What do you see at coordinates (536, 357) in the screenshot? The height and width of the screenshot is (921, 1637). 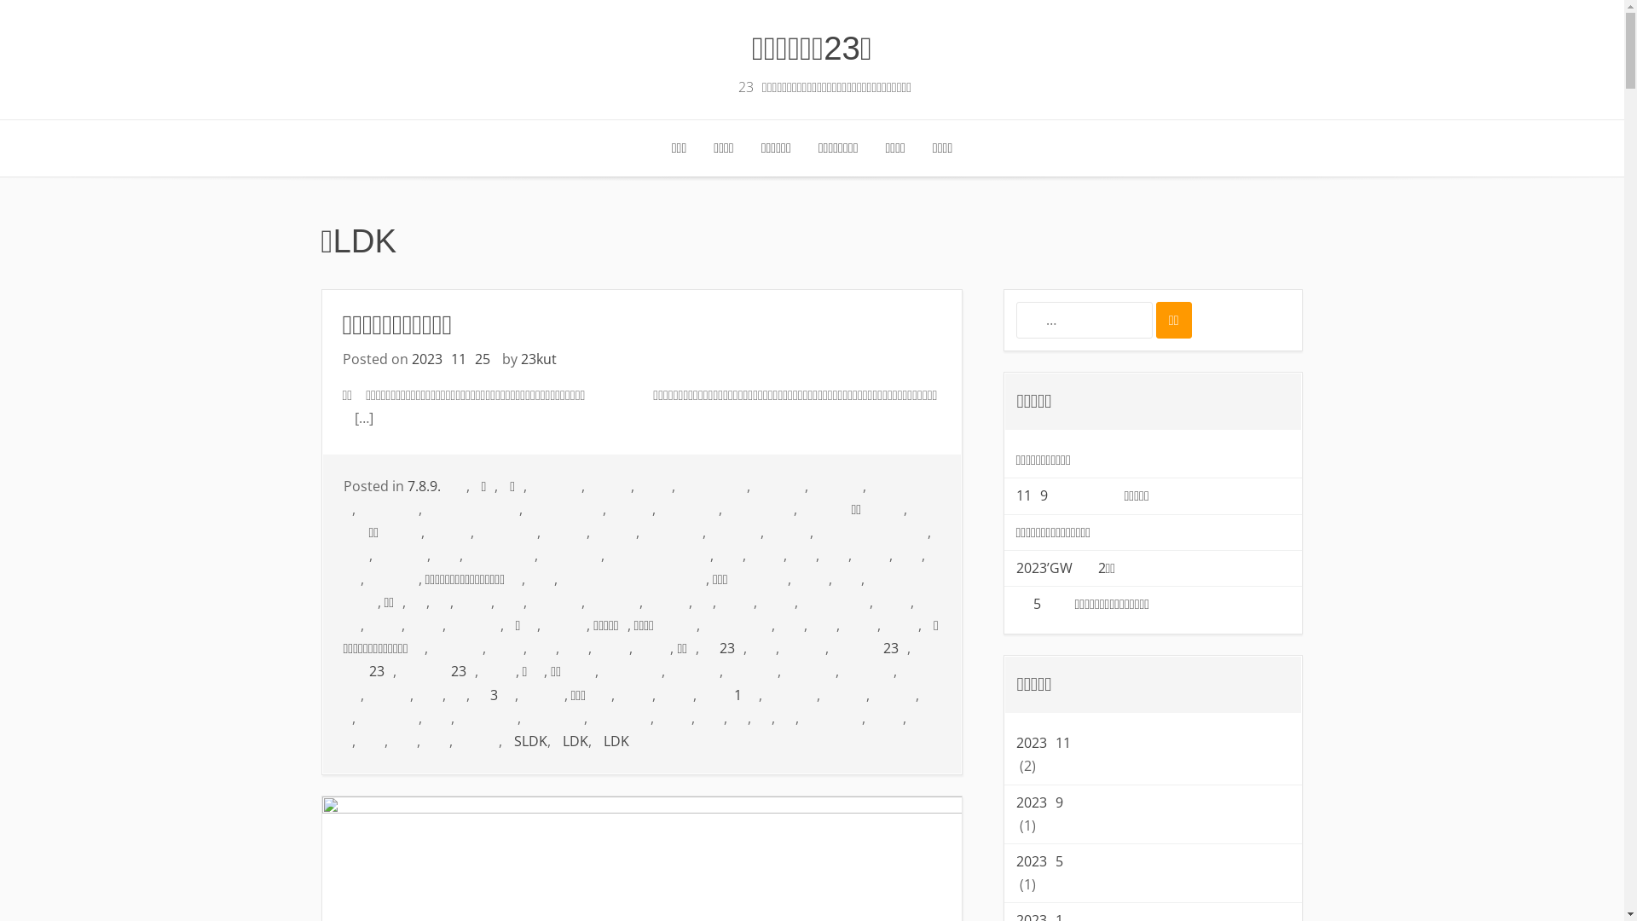 I see `'23kut'` at bounding box center [536, 357].